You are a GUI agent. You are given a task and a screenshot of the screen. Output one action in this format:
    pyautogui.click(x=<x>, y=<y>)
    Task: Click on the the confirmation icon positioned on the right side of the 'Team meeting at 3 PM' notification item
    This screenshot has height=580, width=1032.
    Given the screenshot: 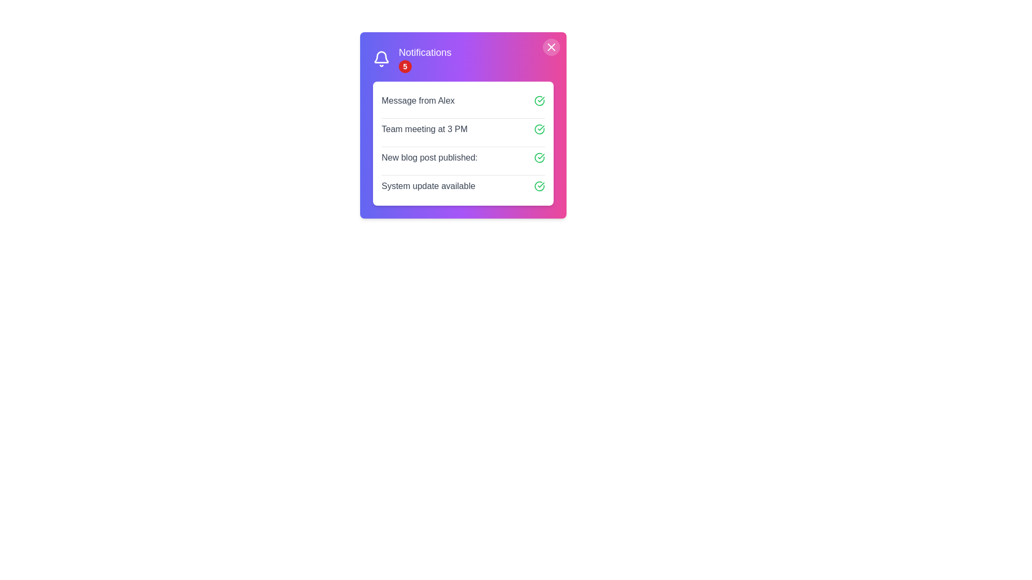 What is the action you would take?
    pyautogui.click(x=539, y=128)
    